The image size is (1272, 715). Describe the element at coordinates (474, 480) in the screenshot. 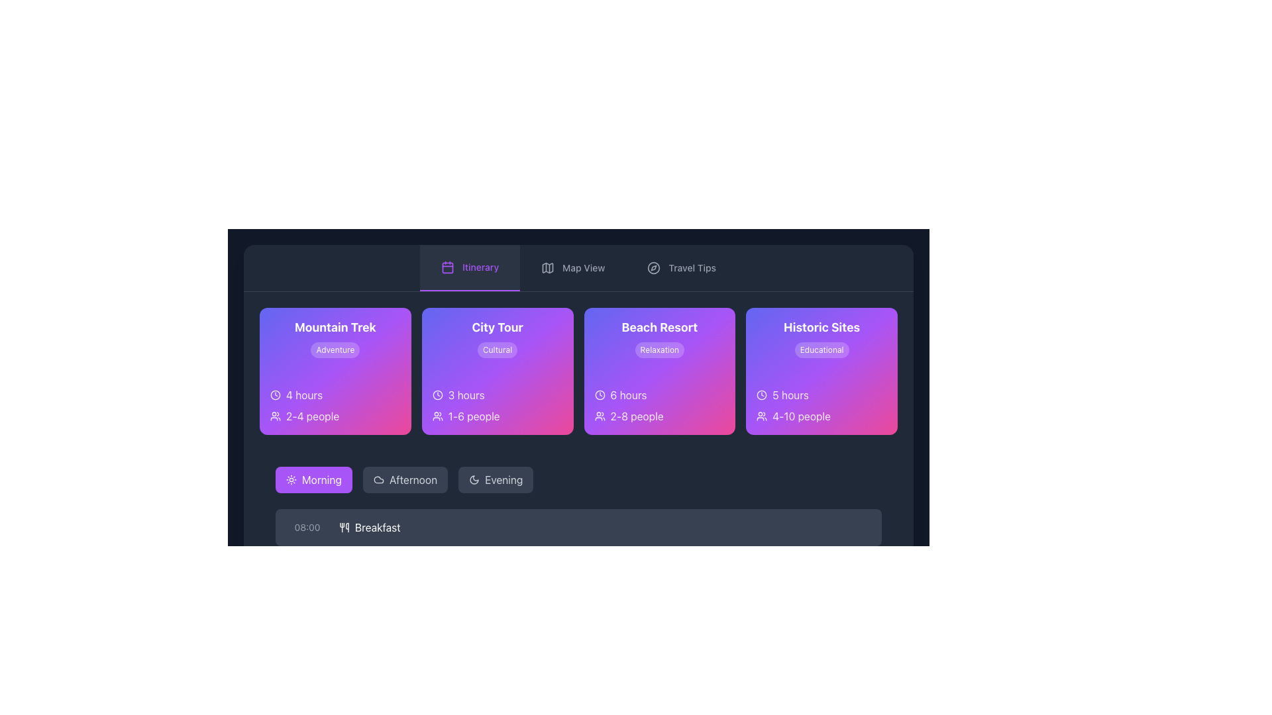

I see `the crescent moon icon located in the navigation bar for accessibility purposes` at that location.